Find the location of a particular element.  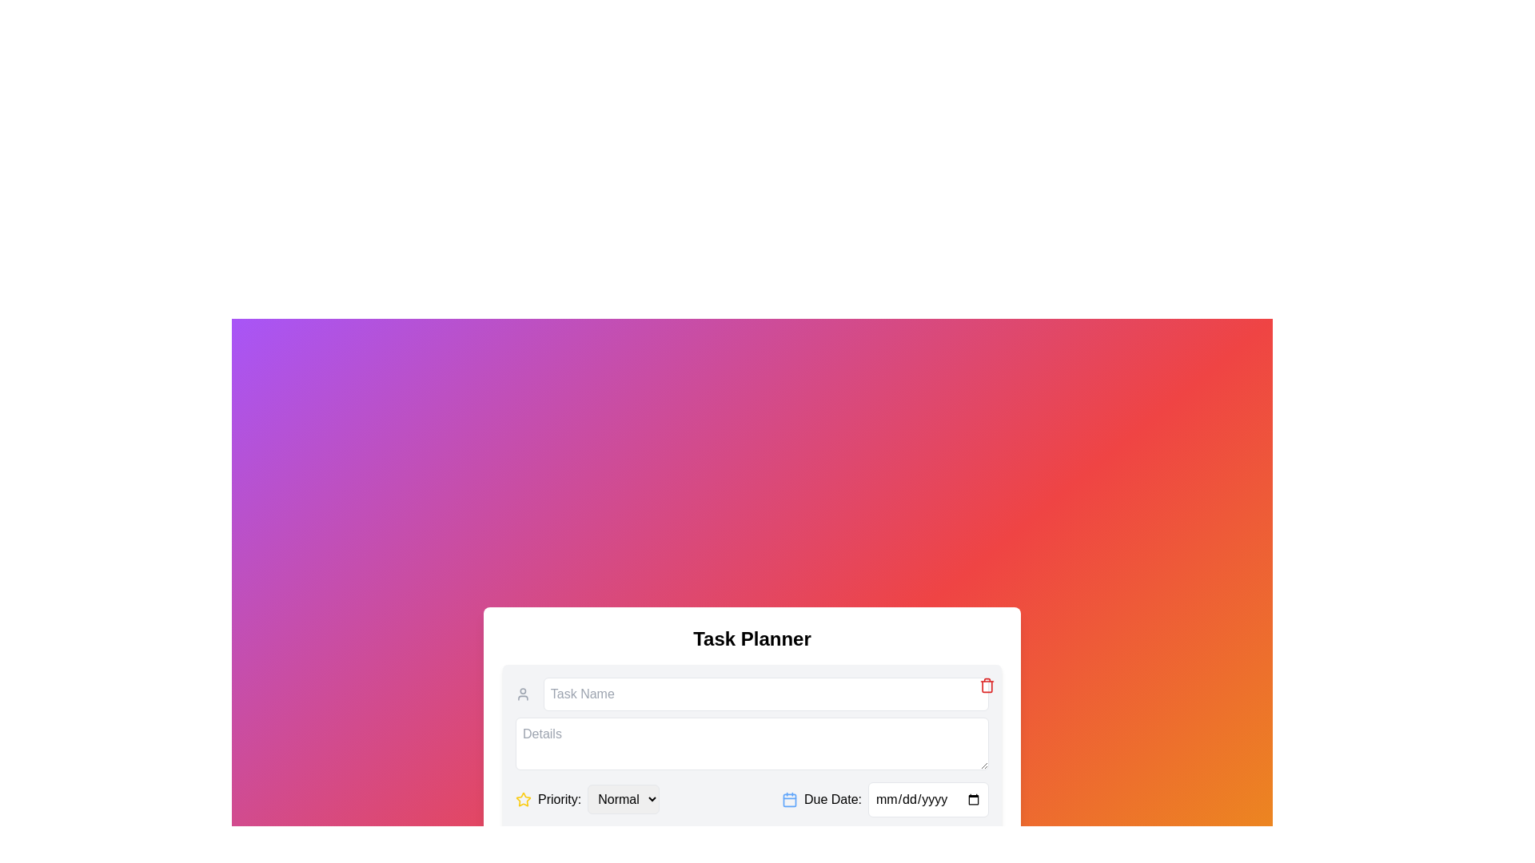

the priority level dropdown menu located in the lower section of the form layout, beneath the 'Details' text area is located at coordinates (587, 799).